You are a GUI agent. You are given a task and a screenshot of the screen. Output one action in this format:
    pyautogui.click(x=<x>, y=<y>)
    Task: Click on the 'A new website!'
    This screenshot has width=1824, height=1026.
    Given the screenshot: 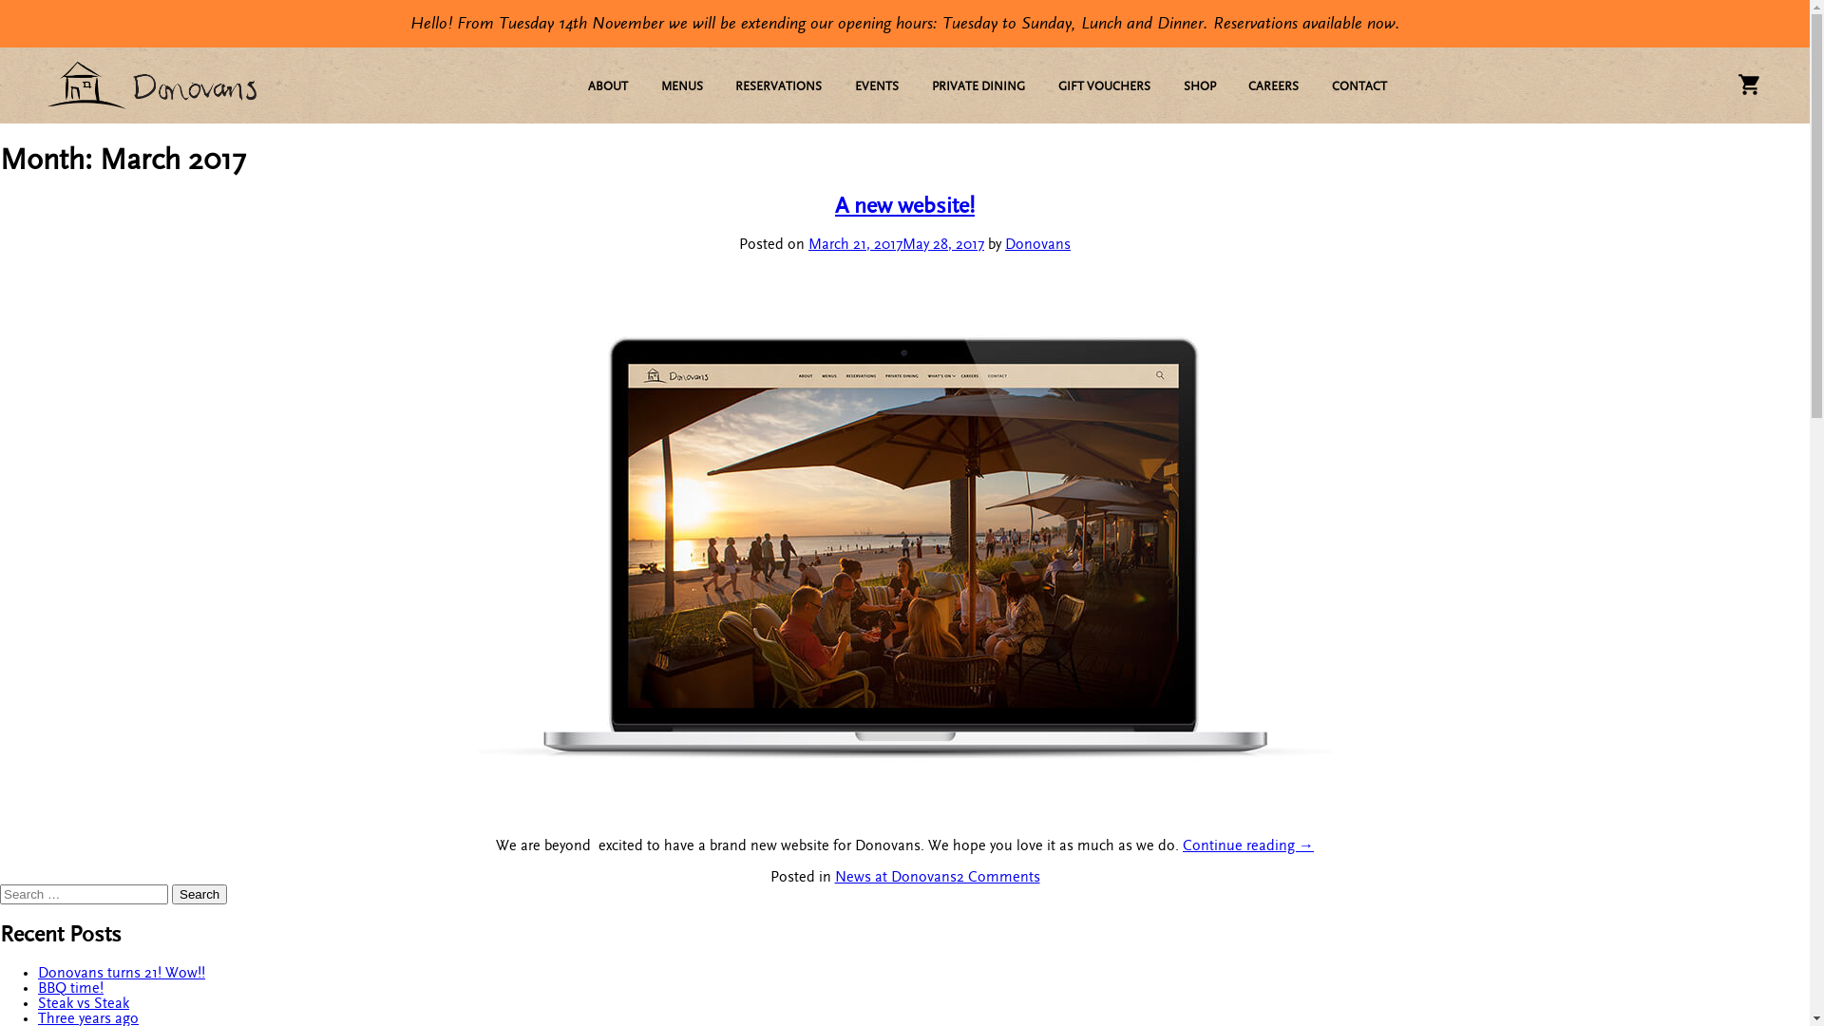 What is the action you would take?
    pyautogui.click(x=903, y=205)
    